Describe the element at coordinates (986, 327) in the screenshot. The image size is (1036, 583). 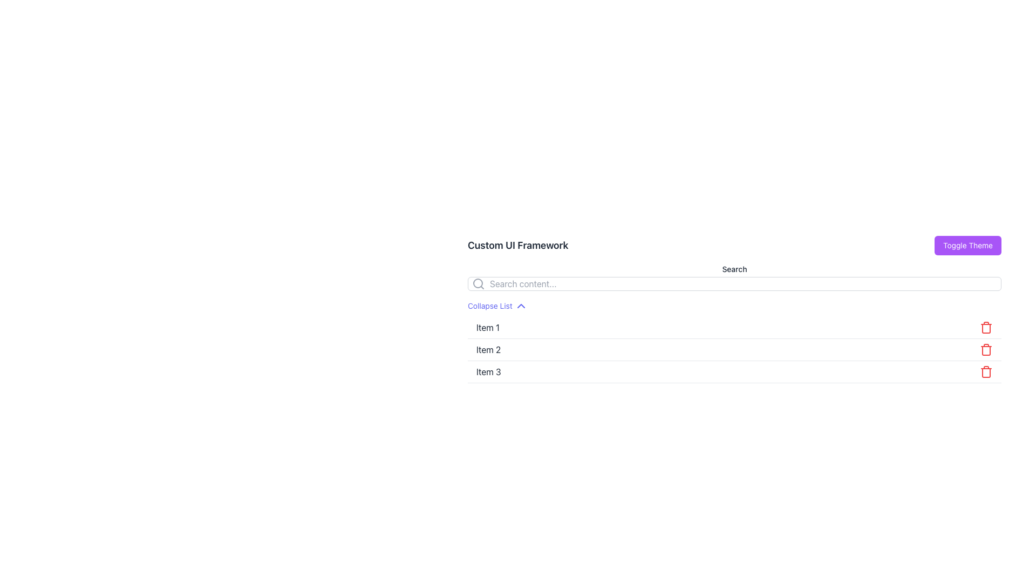
I see `the delete button located in the top-right of the row labeled 'Item 1' to initiate the delete action` at that location.